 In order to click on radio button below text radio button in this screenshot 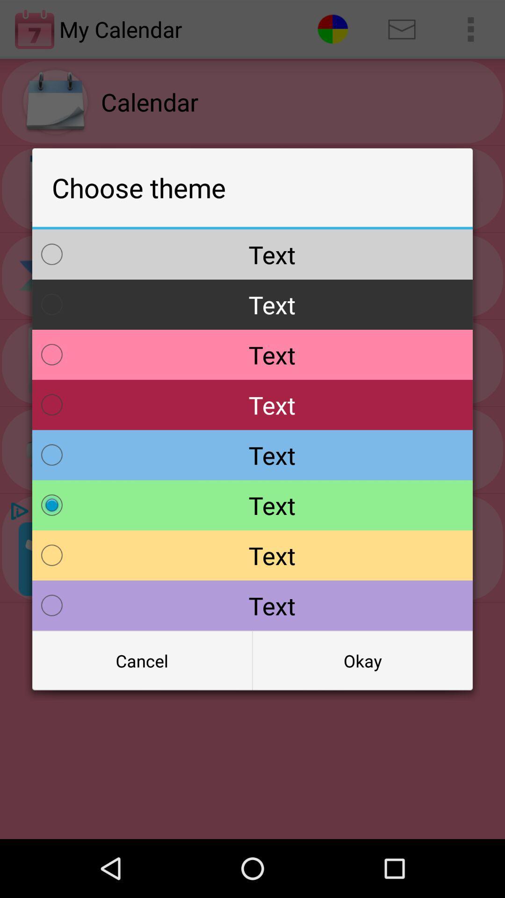, I will do `click(142, 660)`.